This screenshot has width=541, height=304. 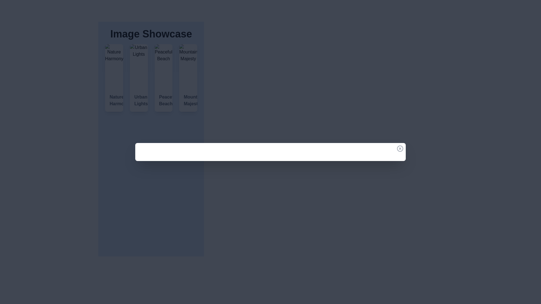 I want to click on the 'Urban Lights' text element, which is displayed in bold gray color and is part of the second card in the 'Image Showcase' layout, so click(x=139, y=100).